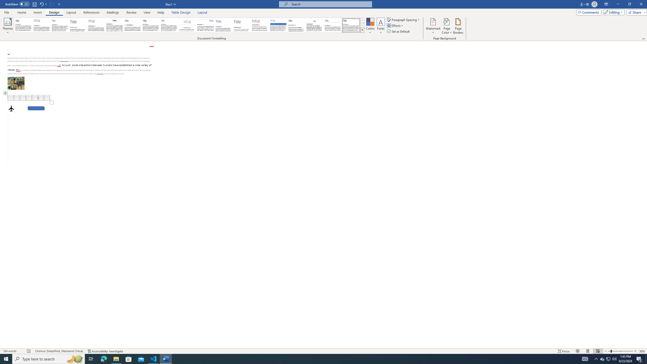 The image size is (647, 364). Describe the element at coordinates (23, 25) in the screenshot. I see `'Document'` at that location.